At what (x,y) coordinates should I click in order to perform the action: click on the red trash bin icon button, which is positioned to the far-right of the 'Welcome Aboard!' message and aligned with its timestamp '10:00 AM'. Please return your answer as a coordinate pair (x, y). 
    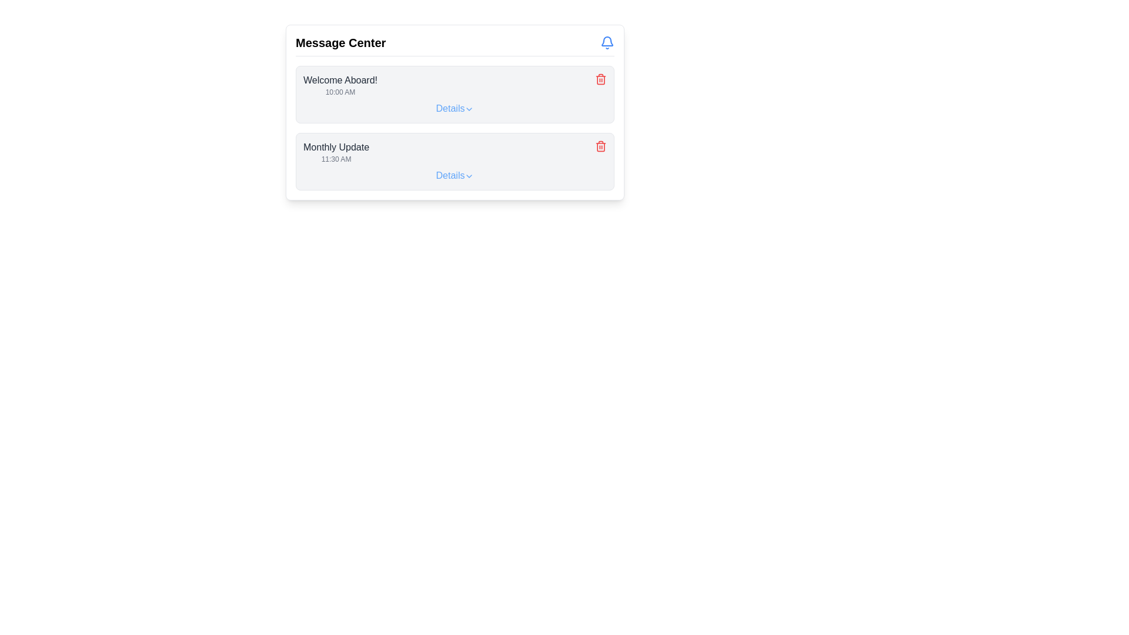
    Looking at the image, I should click on (601, 79).